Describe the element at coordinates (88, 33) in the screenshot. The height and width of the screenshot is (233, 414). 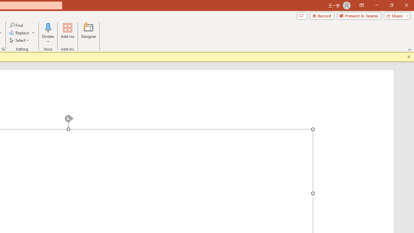
I see `'Designer'` at that location.